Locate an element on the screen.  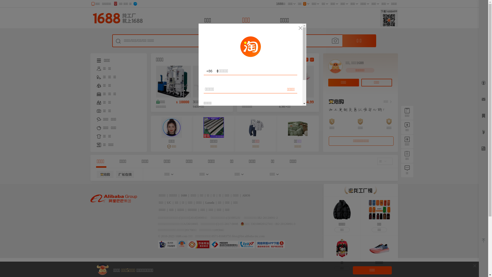
'Lazada' is located at coordinates (210, 202).